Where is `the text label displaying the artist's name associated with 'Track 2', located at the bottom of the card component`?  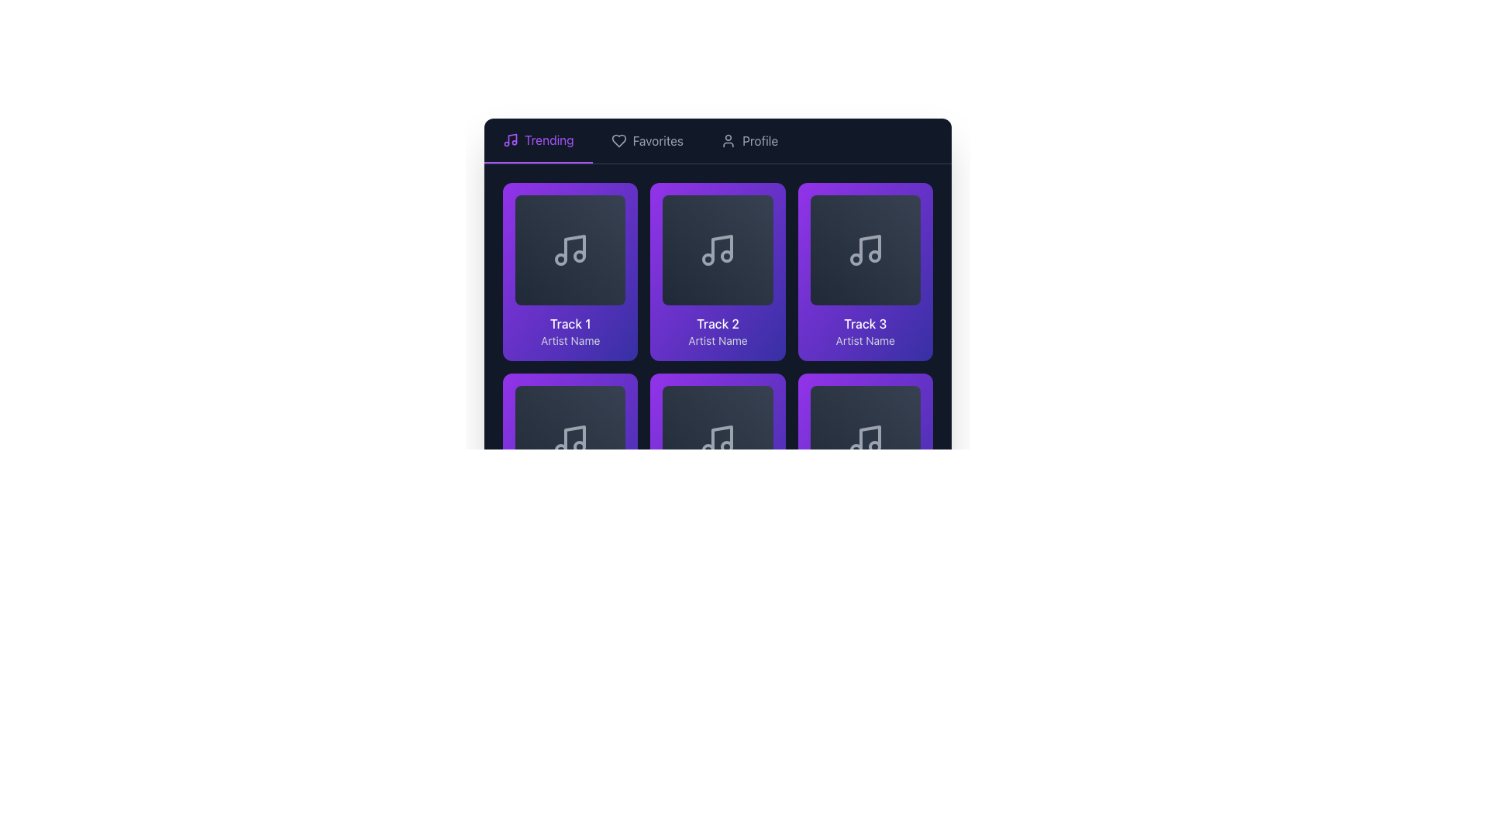 the text label displaying the artist's name associated with 'Track 2', located at the bottom of the card component is located at coordinates (717, 340).